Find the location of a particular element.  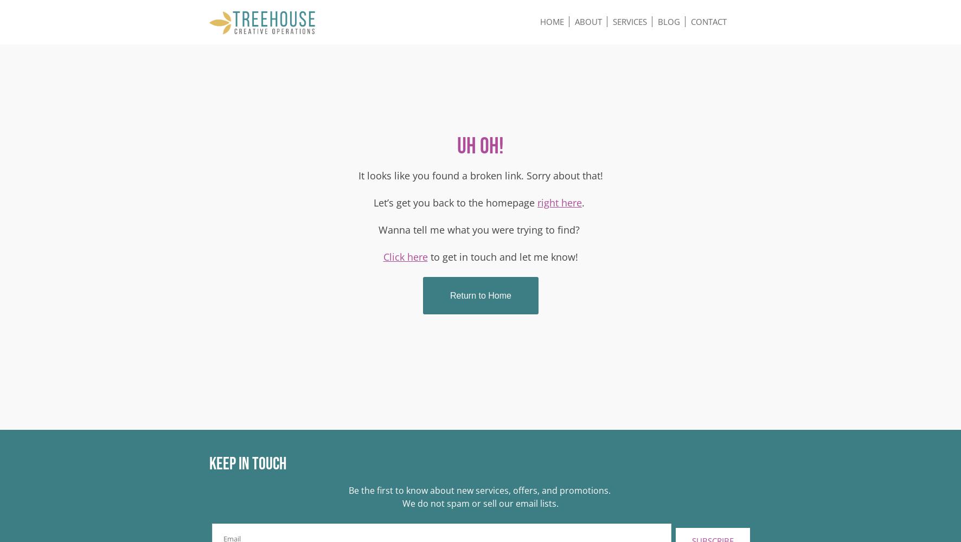

'Keep in touch' is located at coordinates (247, 463).